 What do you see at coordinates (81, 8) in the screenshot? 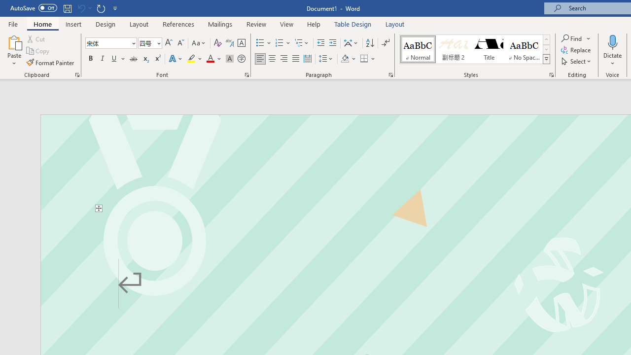
I see `'Can'` at bounding box center [81, 8].